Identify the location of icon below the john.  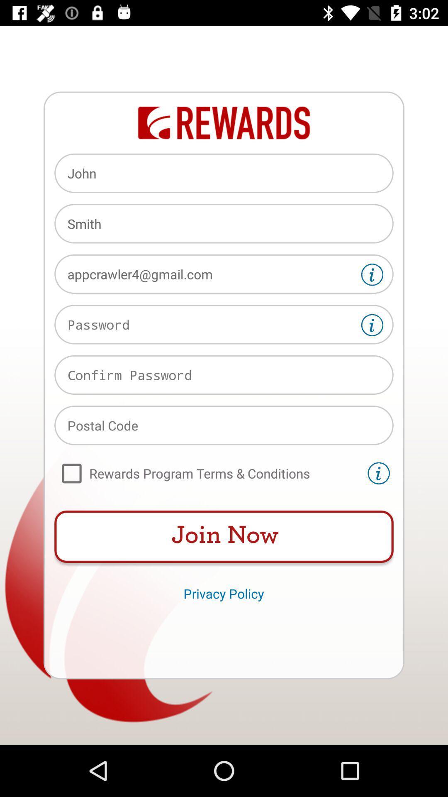
(224, 223).